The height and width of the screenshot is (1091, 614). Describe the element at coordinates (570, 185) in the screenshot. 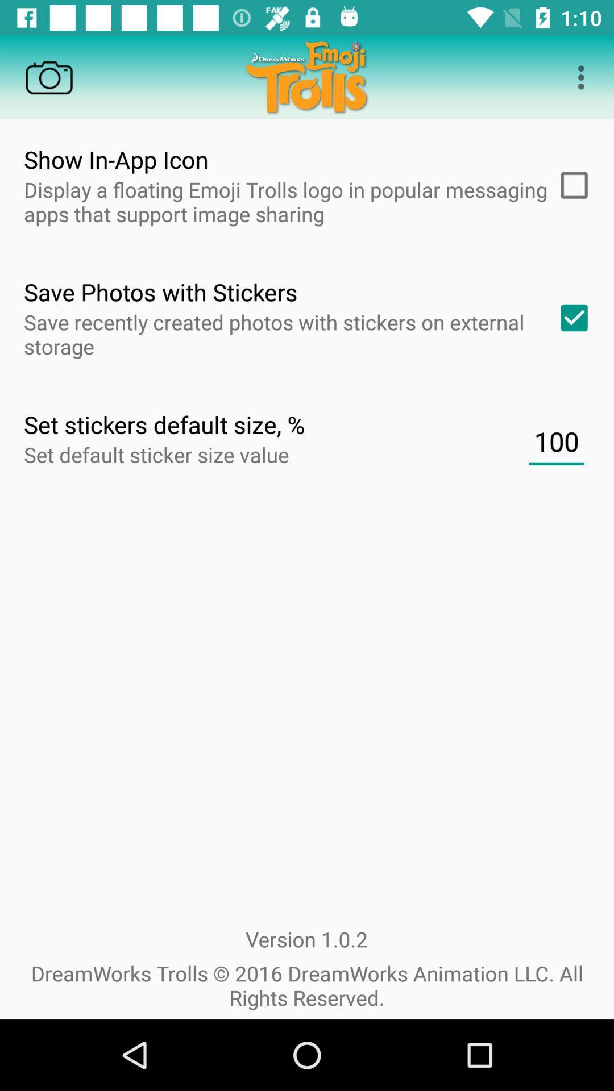

I see `item next to display a floating item` at that location.